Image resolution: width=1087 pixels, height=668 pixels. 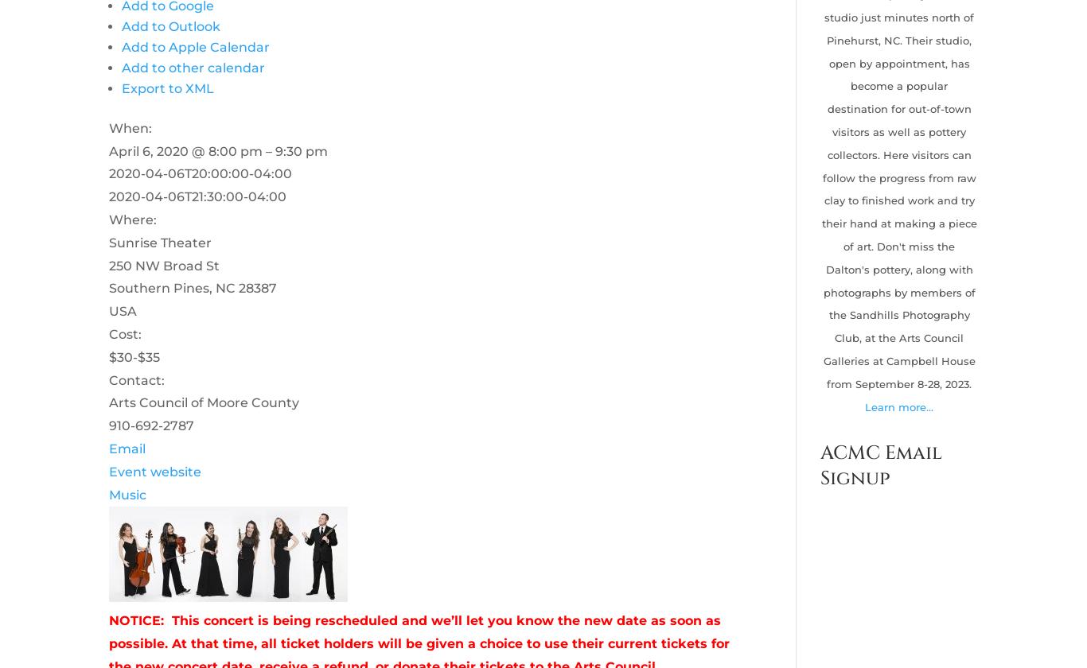 What do you see at coordinates (107, 311) in the screenshot?
I see `'USA'` at bounding box center [107, 311].